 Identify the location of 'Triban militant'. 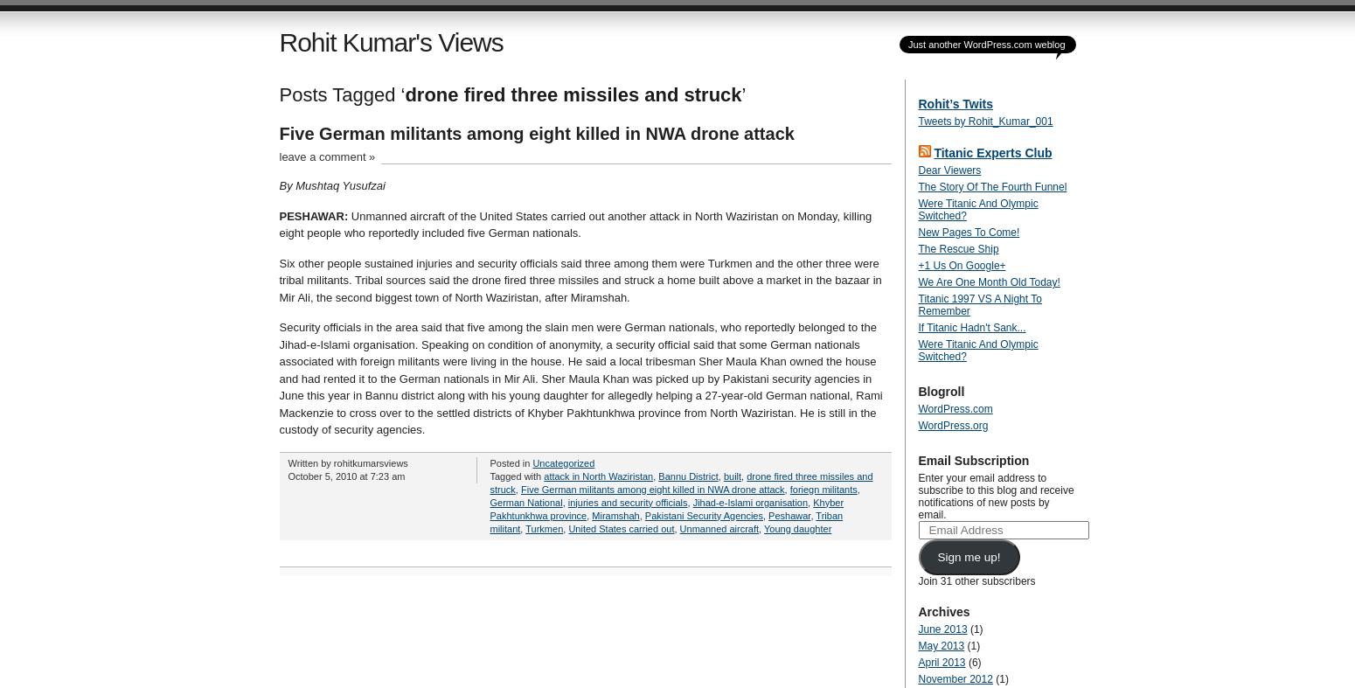
(490, 520).